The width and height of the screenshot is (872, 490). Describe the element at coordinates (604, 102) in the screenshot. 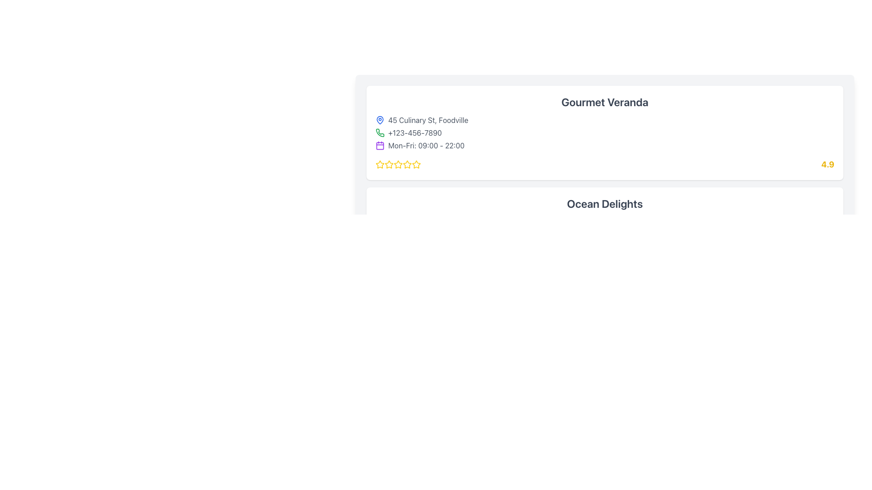

I see `the Header Text element that displays the name of a location or establishment, which is located inside a rounded rectangular card at the top and is horizontally centered` at that location.